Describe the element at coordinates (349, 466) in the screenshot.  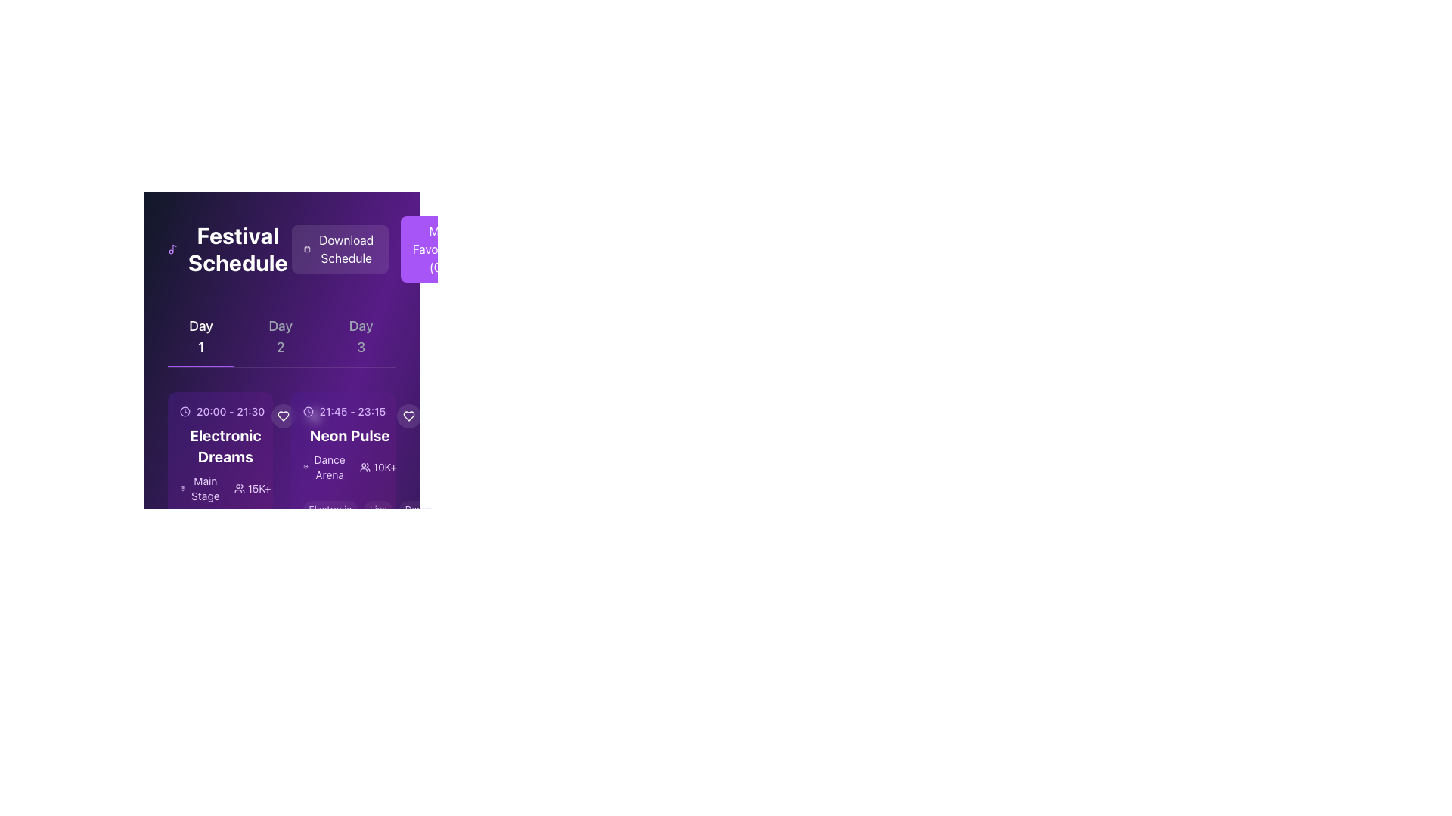
I see `informational block containing the text 'Dance Arena' and '10K+' styled in purple, located under the event 'Neon Pulse' in the schedule for day 1` at that location.